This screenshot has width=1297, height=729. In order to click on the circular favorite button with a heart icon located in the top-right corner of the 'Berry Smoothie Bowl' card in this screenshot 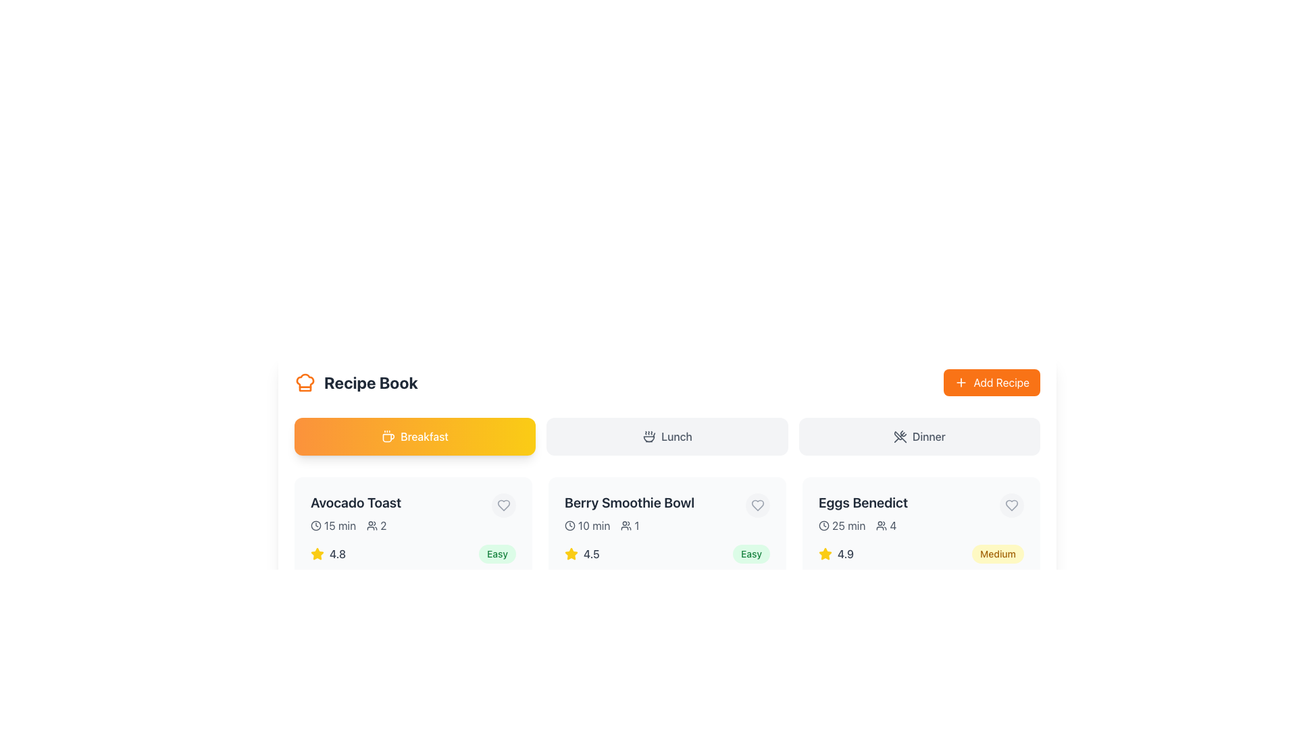, I will do `click(758, 505)`.